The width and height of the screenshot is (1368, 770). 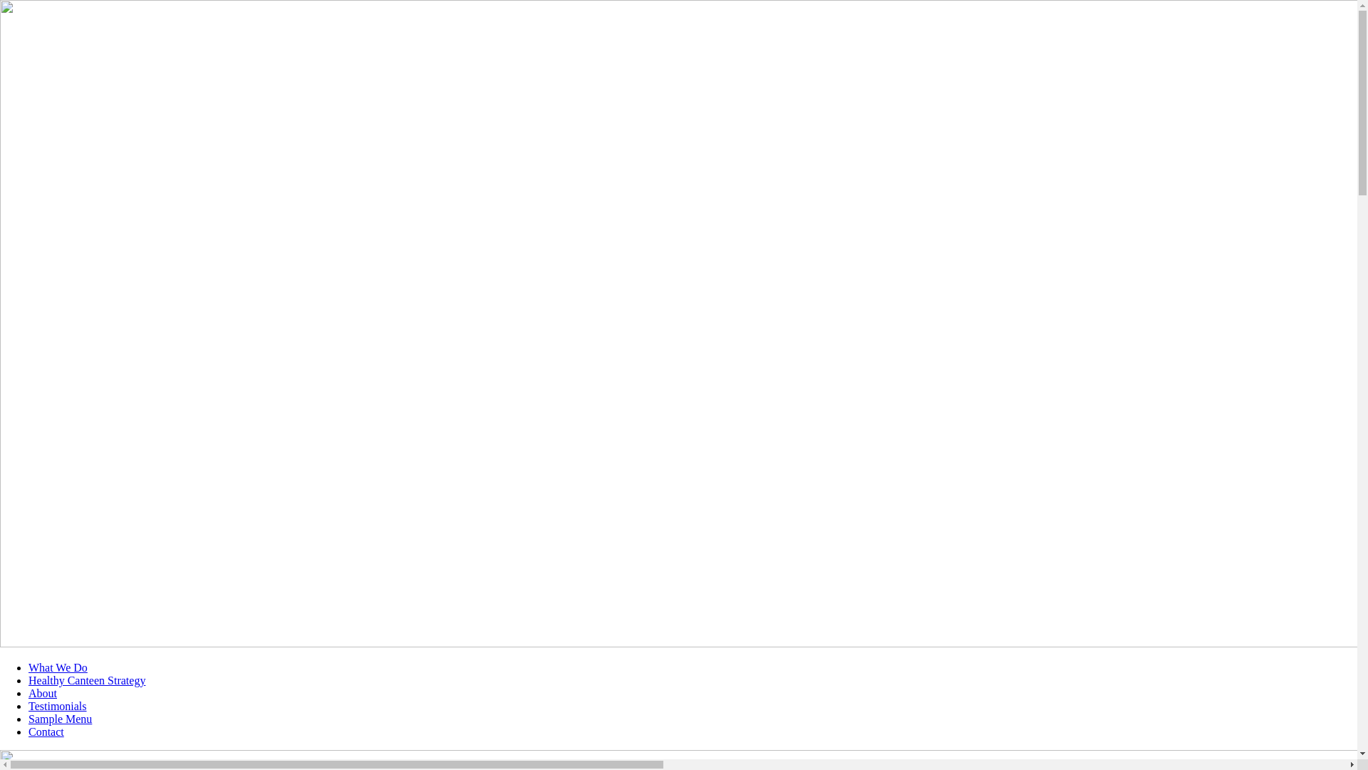 What do you see at coordinates (85, 679) in the screenshot?
I see `'Healthy Canteen Strategy'` at bounding box center [85, 679].